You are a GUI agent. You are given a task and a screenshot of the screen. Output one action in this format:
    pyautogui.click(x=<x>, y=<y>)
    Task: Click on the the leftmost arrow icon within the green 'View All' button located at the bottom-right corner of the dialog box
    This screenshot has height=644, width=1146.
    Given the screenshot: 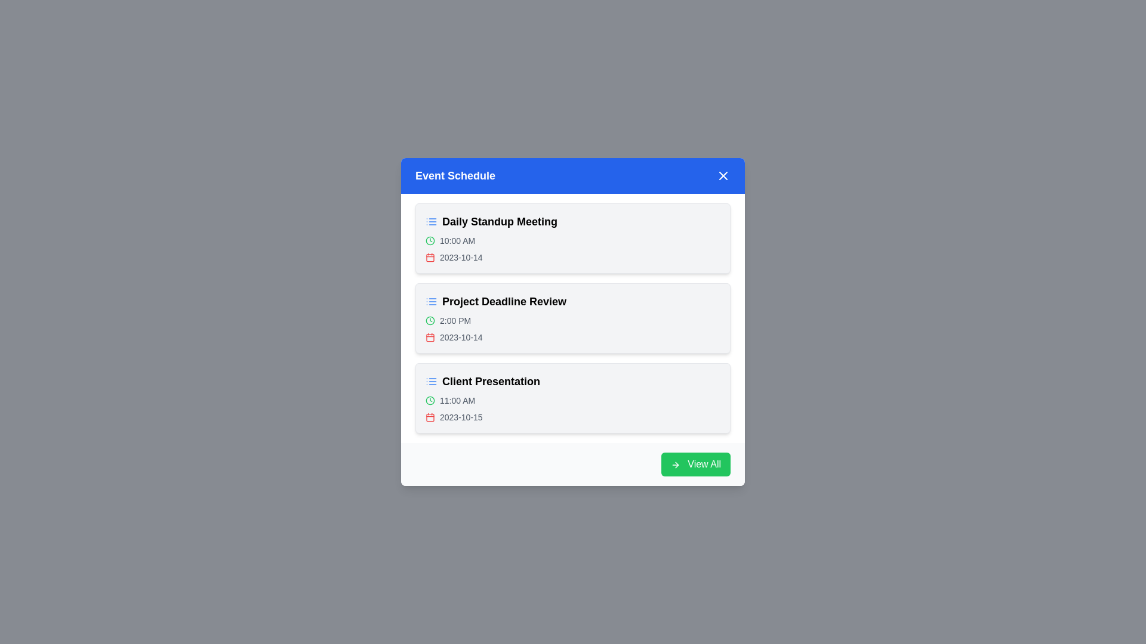 What is the action you would take?
    pyautogui.click(x=675, y=464)
    